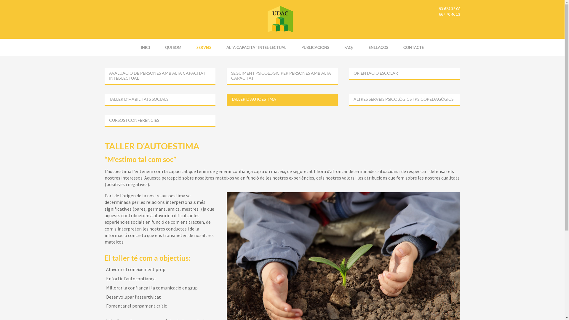 The width and height of the screenshot is (569, 320). Describe the element at coordinates (204, 47) in the screenshot. I see `'SERVEIS'` at that location.